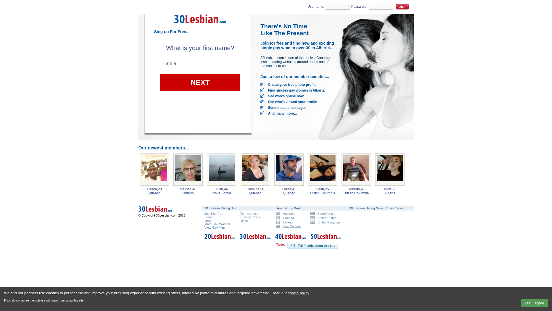 This screenshot has height=311, width=552. What do you see at coordinates (240, 217) in the screenshot?
I see `'Privacy Policy'` at bounding box center [240, 217].